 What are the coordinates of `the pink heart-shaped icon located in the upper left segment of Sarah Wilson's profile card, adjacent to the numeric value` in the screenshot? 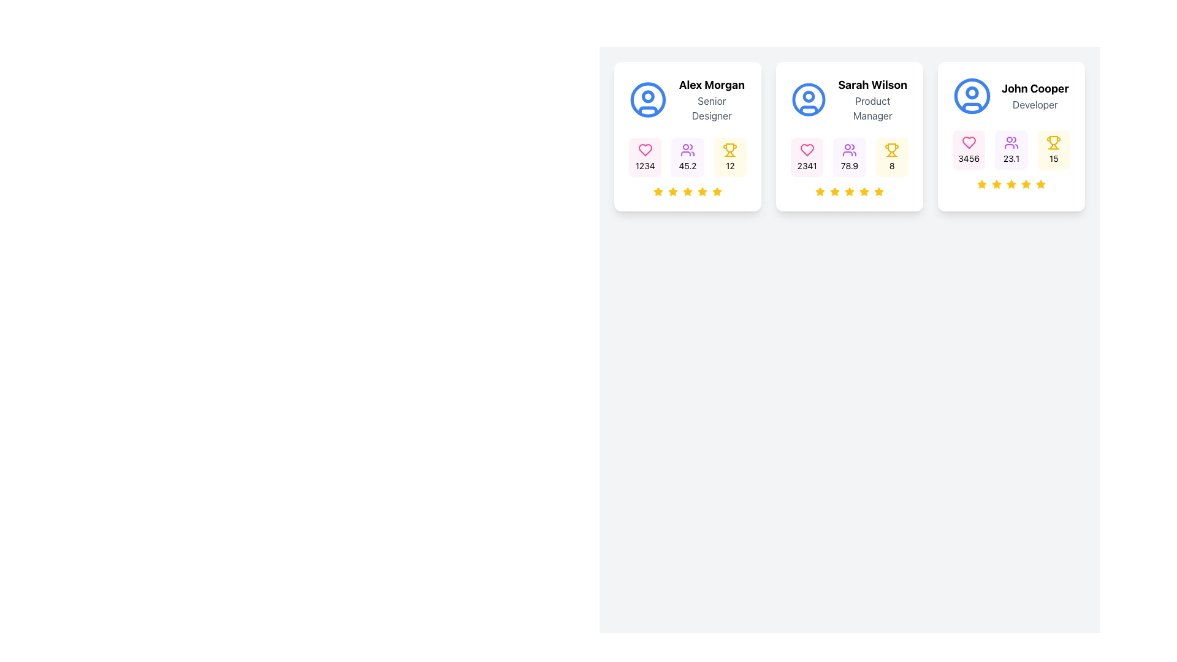 It's located at (807, 150).